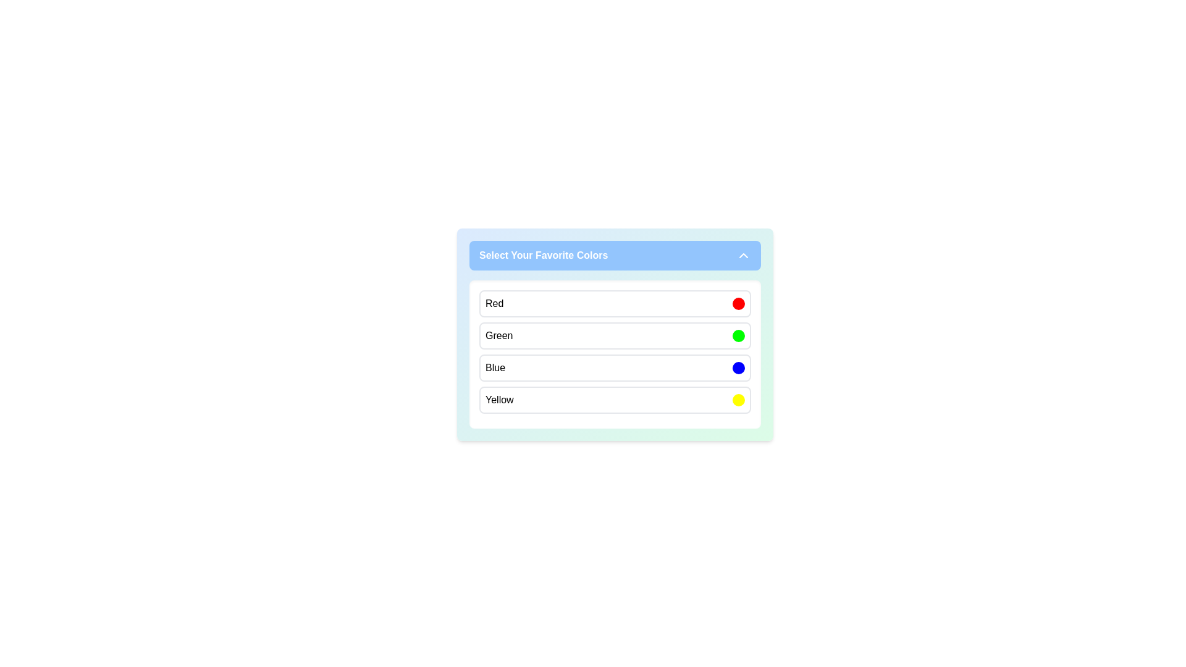  I want to click on the visual indicator, a small green circle located to the far right of the list item labeled 'Green', so click(738, 335).